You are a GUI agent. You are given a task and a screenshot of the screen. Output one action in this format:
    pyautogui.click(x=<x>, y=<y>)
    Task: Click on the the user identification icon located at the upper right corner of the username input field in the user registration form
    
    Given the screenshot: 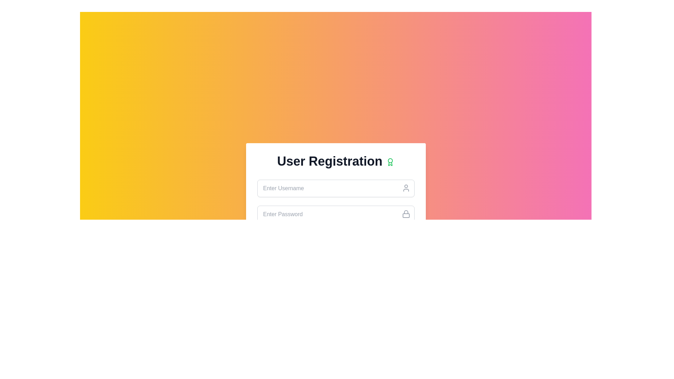 What is the action you would take?
    pyautogui.click(x=406, y=188)
    